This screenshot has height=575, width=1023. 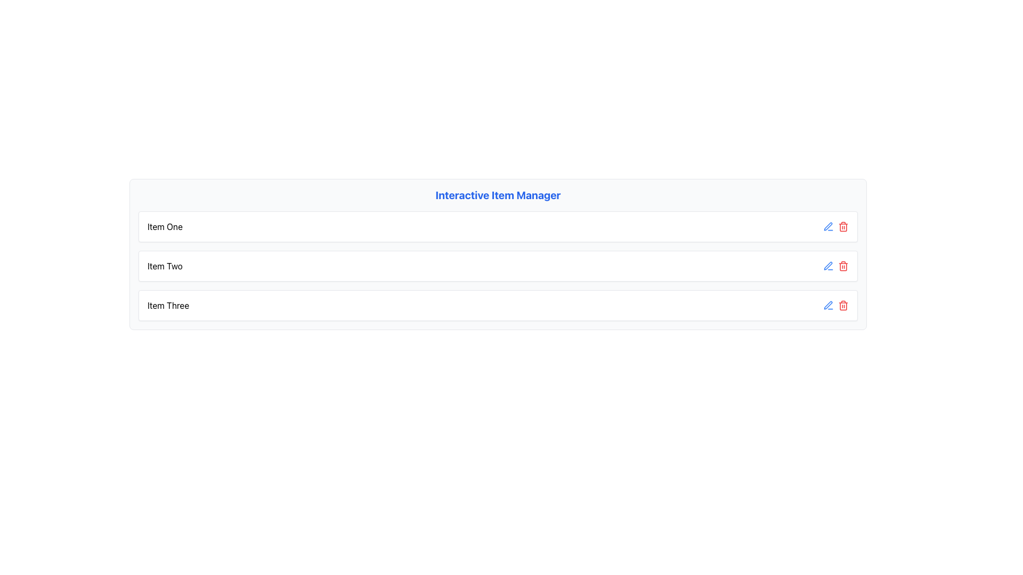 I want to click on the delete icon located to the right of the text 'Item Two', so click(x=835, y=266).